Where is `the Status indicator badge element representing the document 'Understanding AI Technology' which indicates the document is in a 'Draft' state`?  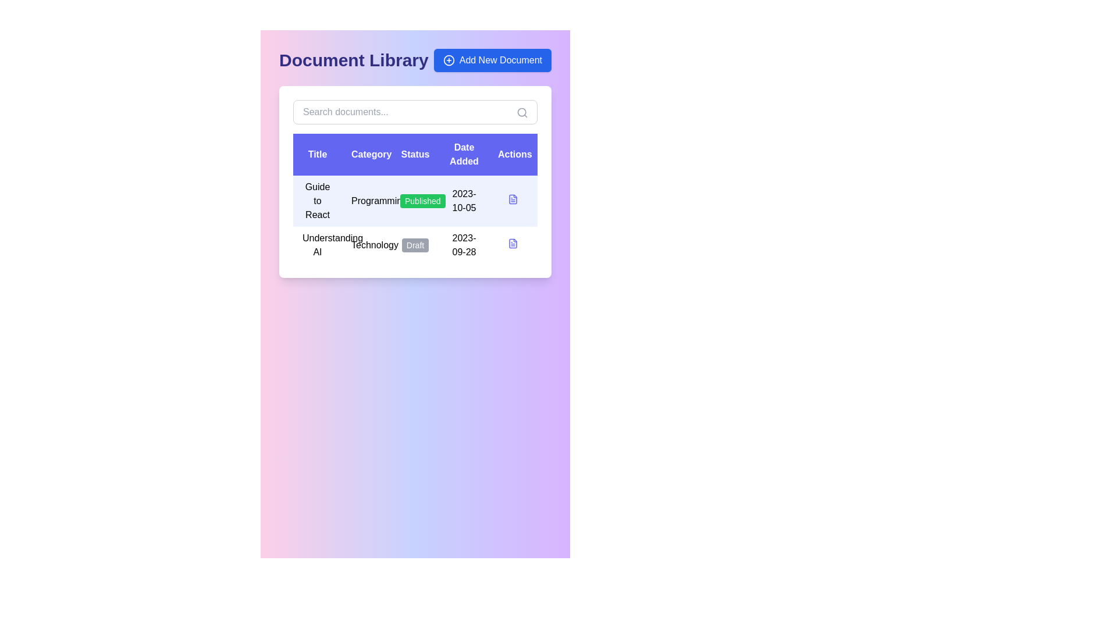
the Status indicator badge element representing the document 'Understanding AI Technology' which indicates the document is in a 'Draft' state is located at coordinates (415, 244).